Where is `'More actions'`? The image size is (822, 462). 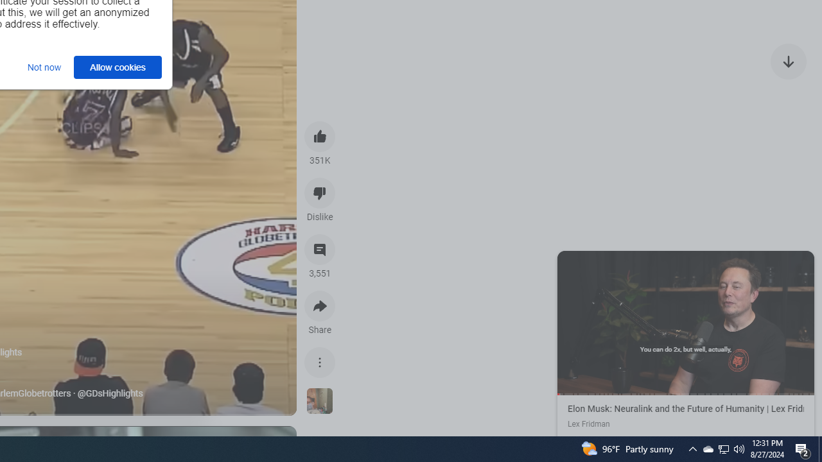 'More actions' is located at coordinates (320, 362).